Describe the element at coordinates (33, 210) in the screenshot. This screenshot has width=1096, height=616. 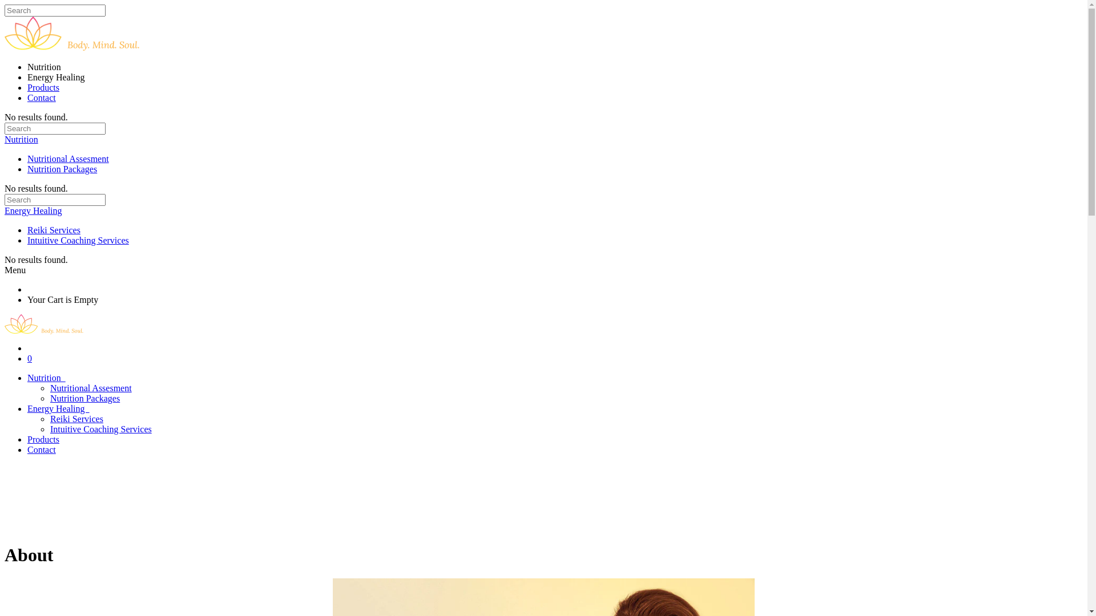
I see `'Energy Healing'` at that location.